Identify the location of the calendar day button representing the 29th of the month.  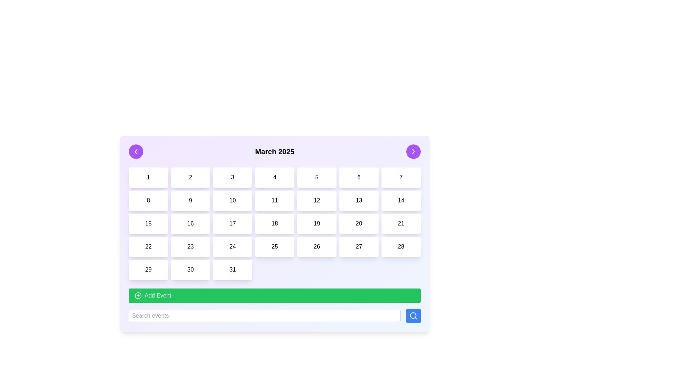
(148, 269).